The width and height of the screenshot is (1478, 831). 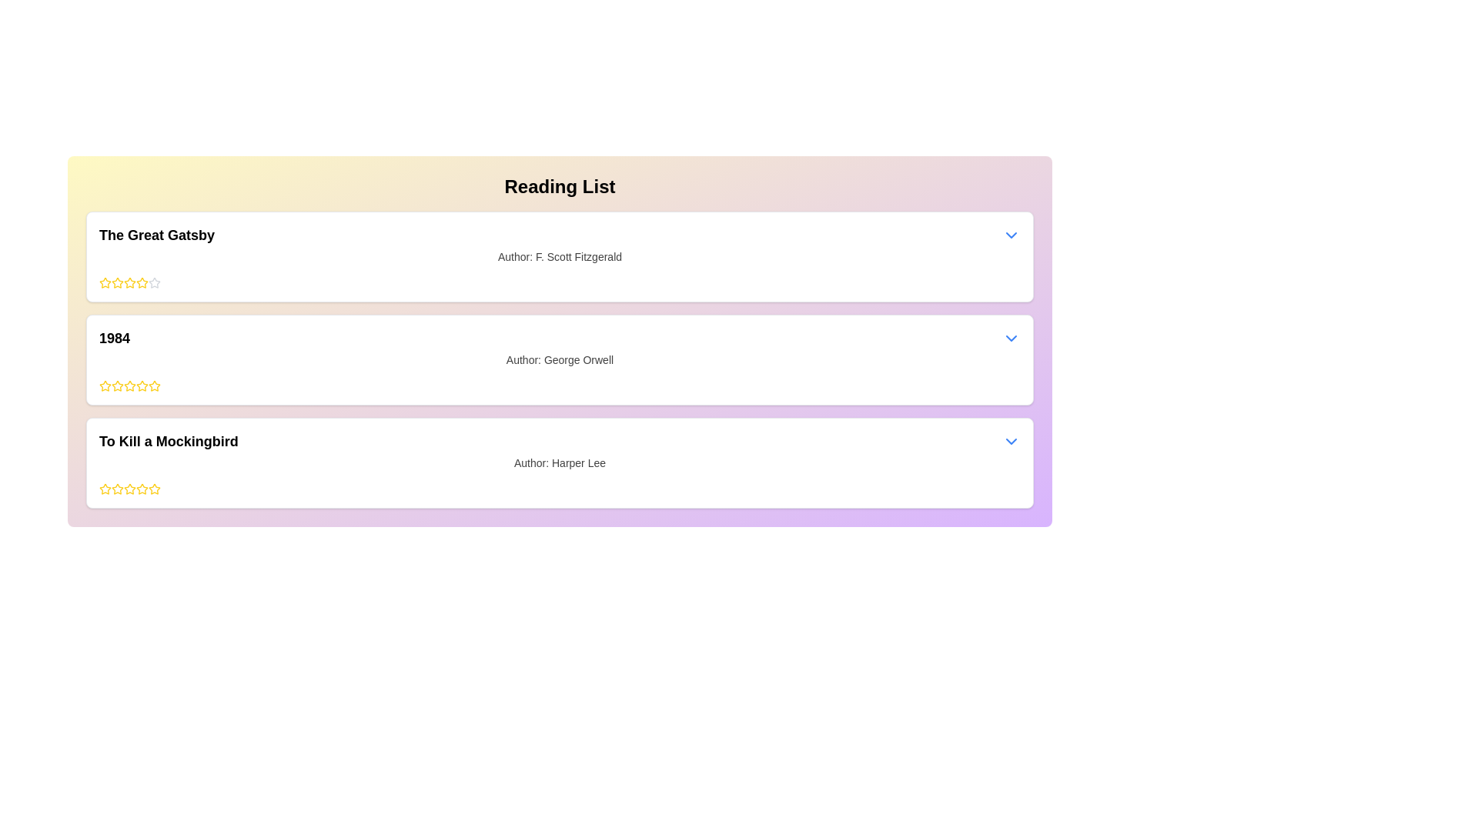 What do you see at coordinates (1012, 235) in the screenshot?
I see `the blue downwards chevron icon that acts as a dropdown trigger, located to the far right of the title 'The Great Gatsby', to receive possible visual feedback` at bounding box center [1012, 235].